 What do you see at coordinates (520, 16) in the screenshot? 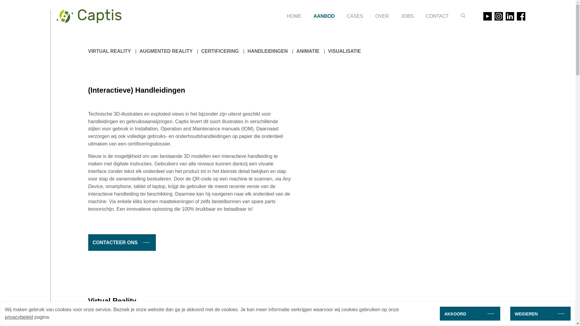
I see `'Bezoek onze Facebook pagina'` at bounding box center [520, 16].